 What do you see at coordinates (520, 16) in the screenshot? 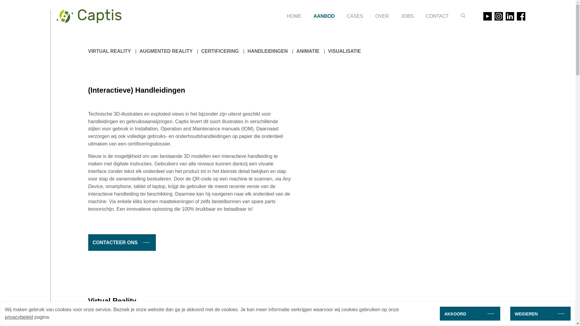
I see `'Bezoek onze Facebook pagina'` at bounding box center [520, 16].